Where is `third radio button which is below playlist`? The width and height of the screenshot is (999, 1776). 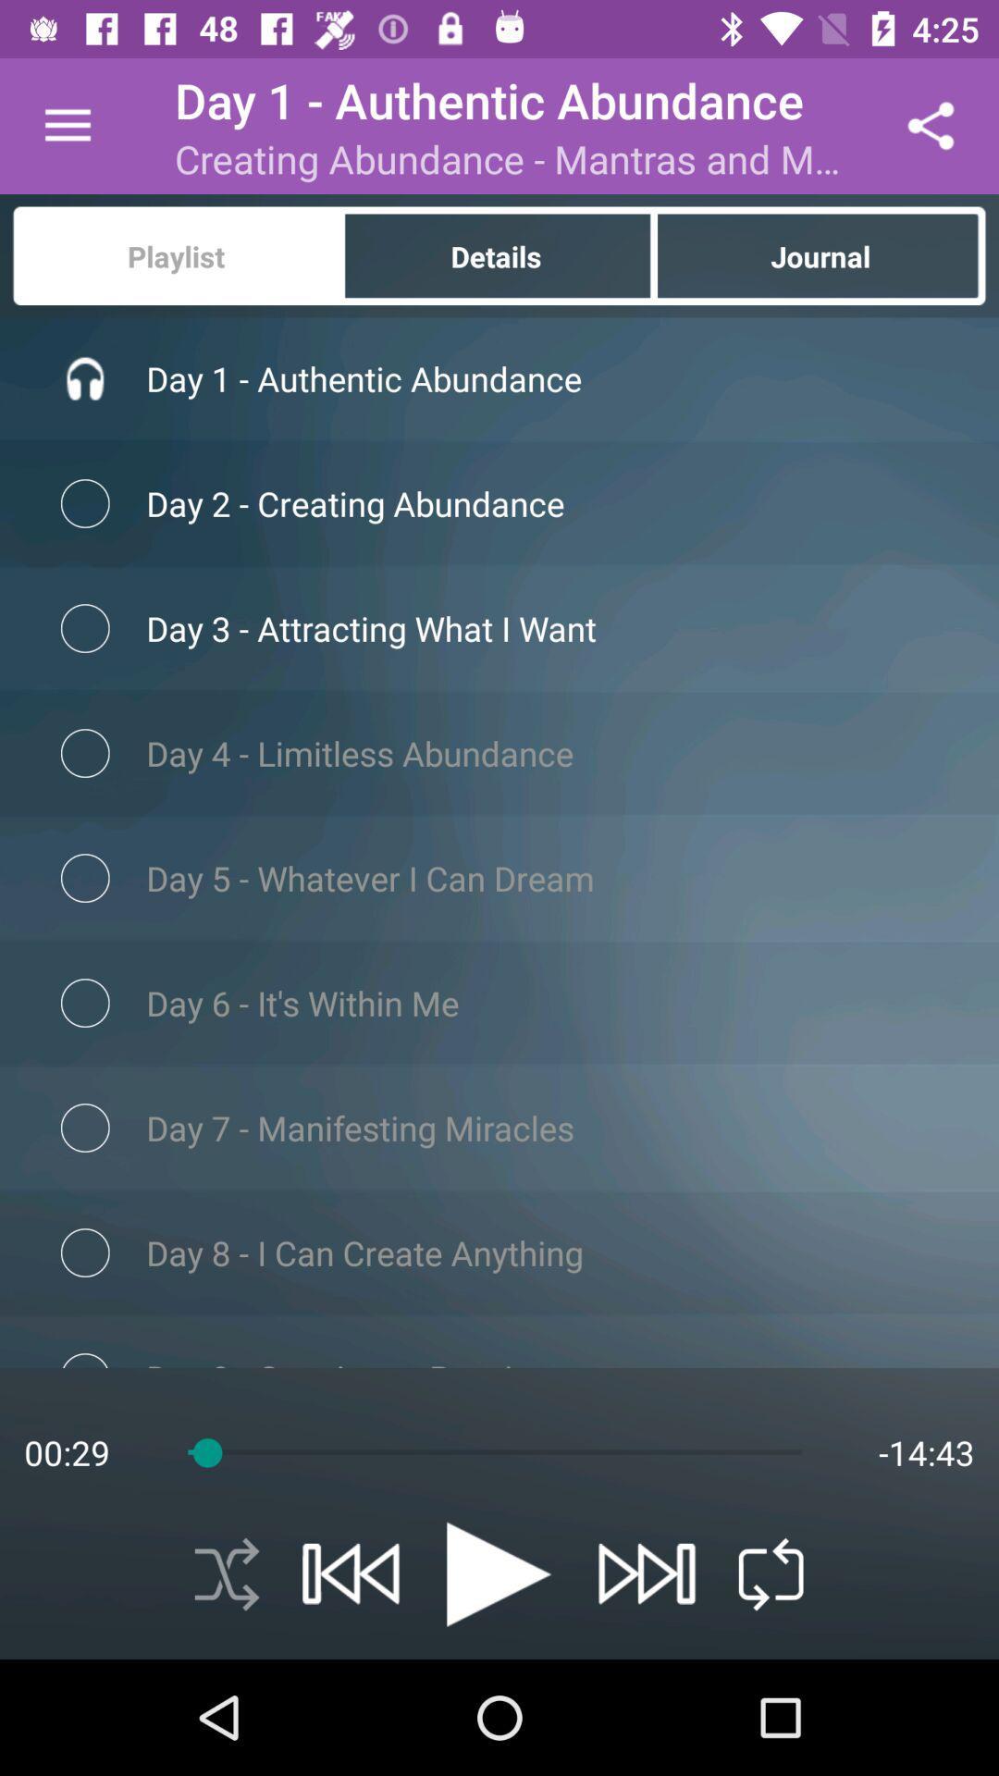 third radio button which is below playlist is located at coordinates (85, 753).